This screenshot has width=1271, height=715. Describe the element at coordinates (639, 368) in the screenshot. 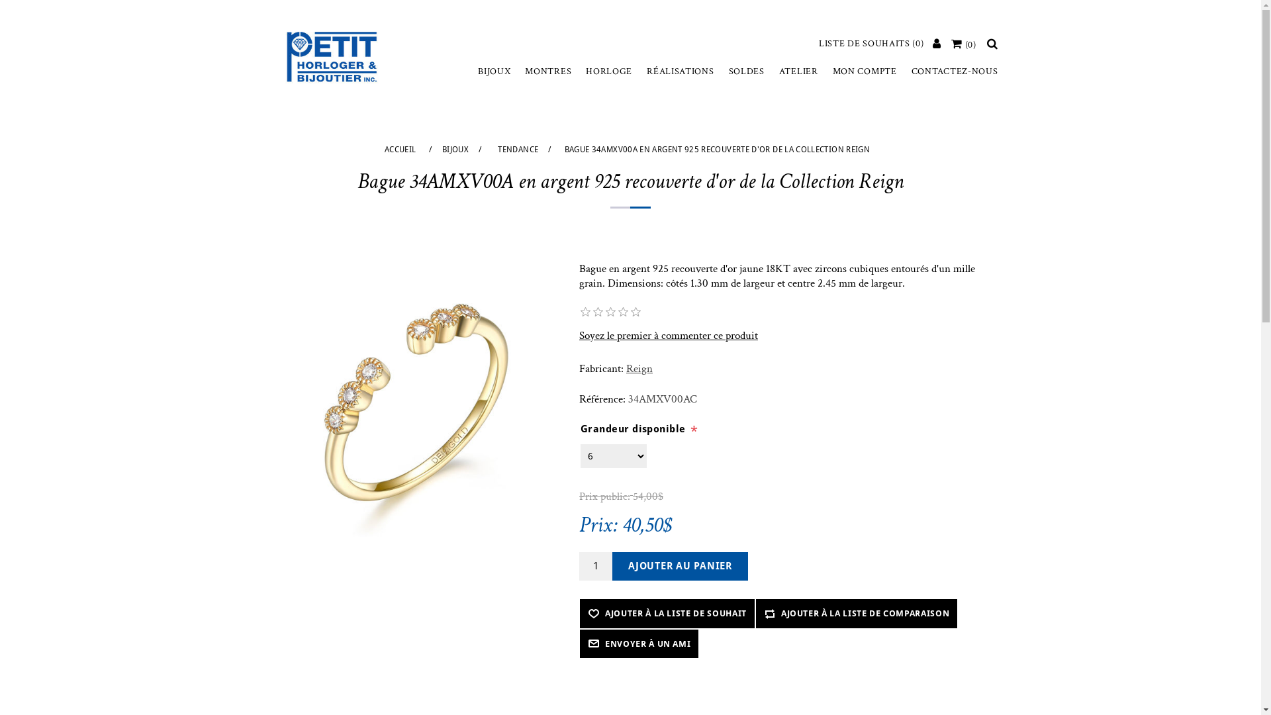

I see `'Reign'` at that location.